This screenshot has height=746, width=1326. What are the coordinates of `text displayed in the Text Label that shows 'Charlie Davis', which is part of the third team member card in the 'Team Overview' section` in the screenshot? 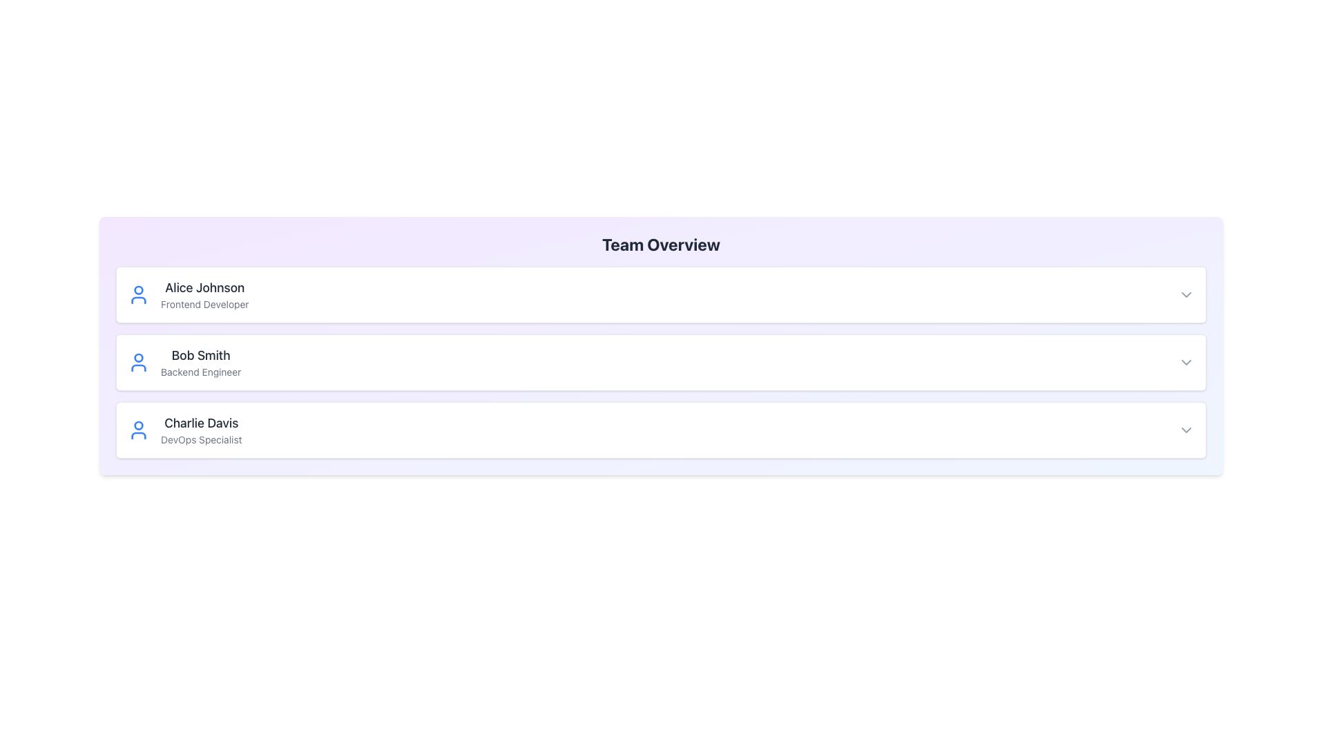 It's located at (200, 423).